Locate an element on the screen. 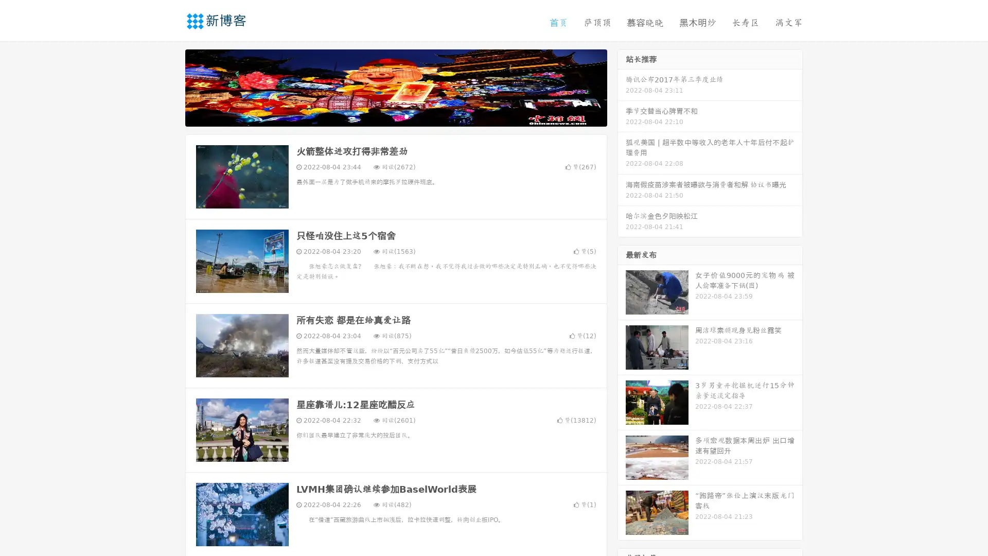 This screenshot has width=988, height=556. Go to slide 1 is located at coordinates (385, 116).